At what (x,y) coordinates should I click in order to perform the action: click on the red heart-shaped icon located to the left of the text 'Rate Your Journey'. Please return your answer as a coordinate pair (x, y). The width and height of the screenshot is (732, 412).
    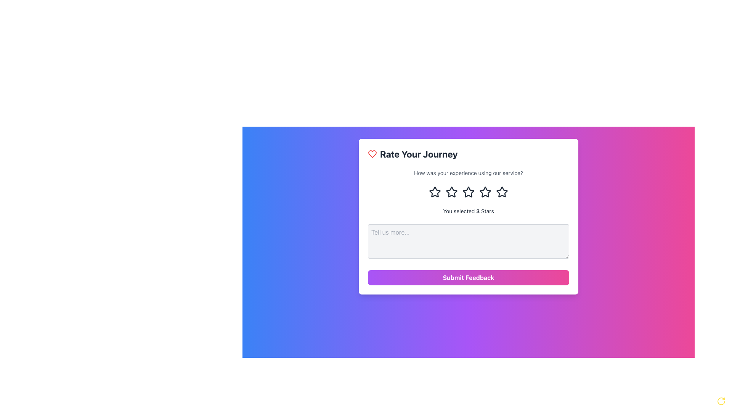
    Looking at the image, I should click on (372, 154).